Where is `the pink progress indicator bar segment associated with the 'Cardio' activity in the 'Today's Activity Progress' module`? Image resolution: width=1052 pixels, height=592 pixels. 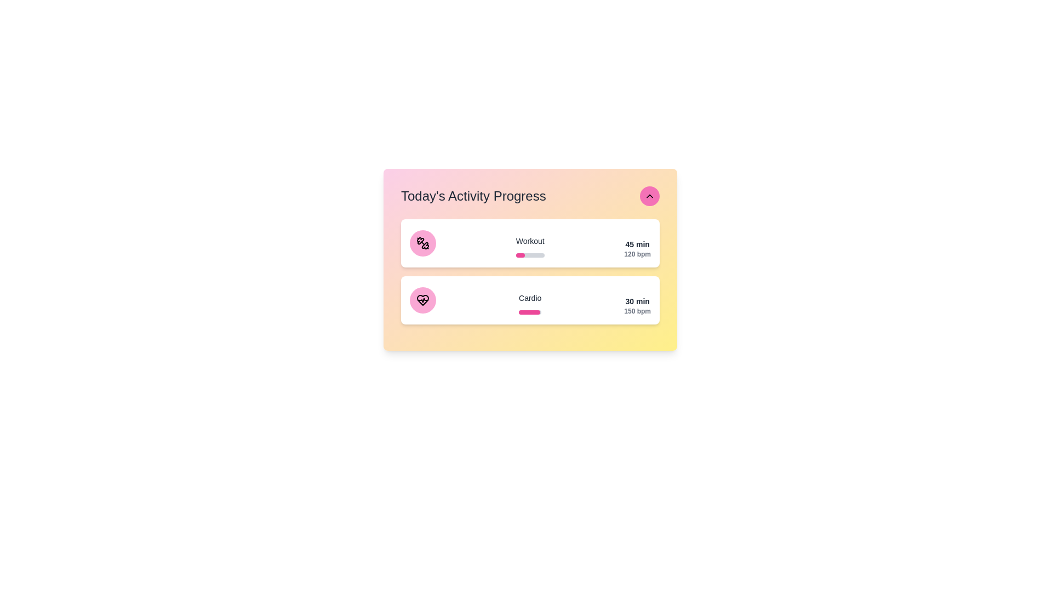
the pink progress indicator bar segment associated with the 'Cardio' activity in the 'Today's Activity Progress' module is located at coordinates (529, 312).